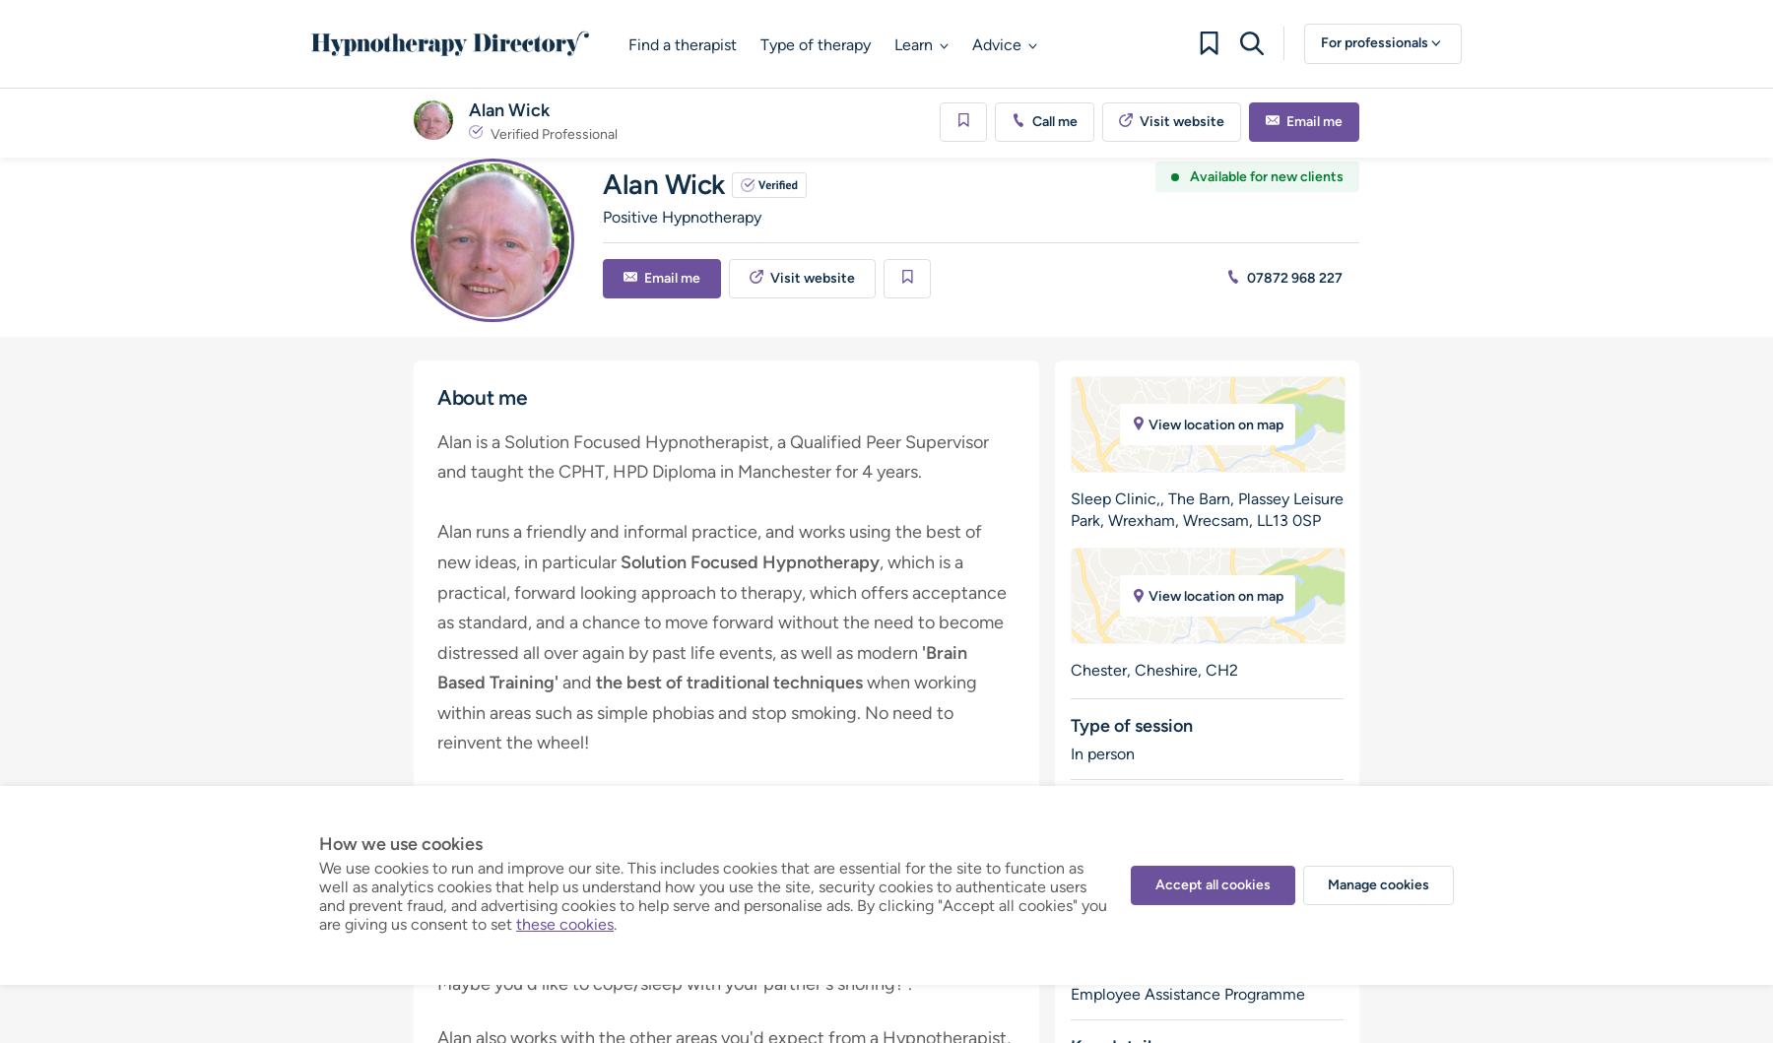 The image size is (1773, 1043). Describe the element at coordinates (437, 938) in the screenshot. I see `'such as sleep walking, sleep 'paralysis' and what Alan prefers to term sleep 'behaviour' such as shouting out, tossing and turning, waving limbs, disturbing partners' and reducing the quality of their own sleep. Maybe you'd like to cope/sleep with your partner's snoring? .'` at that location.